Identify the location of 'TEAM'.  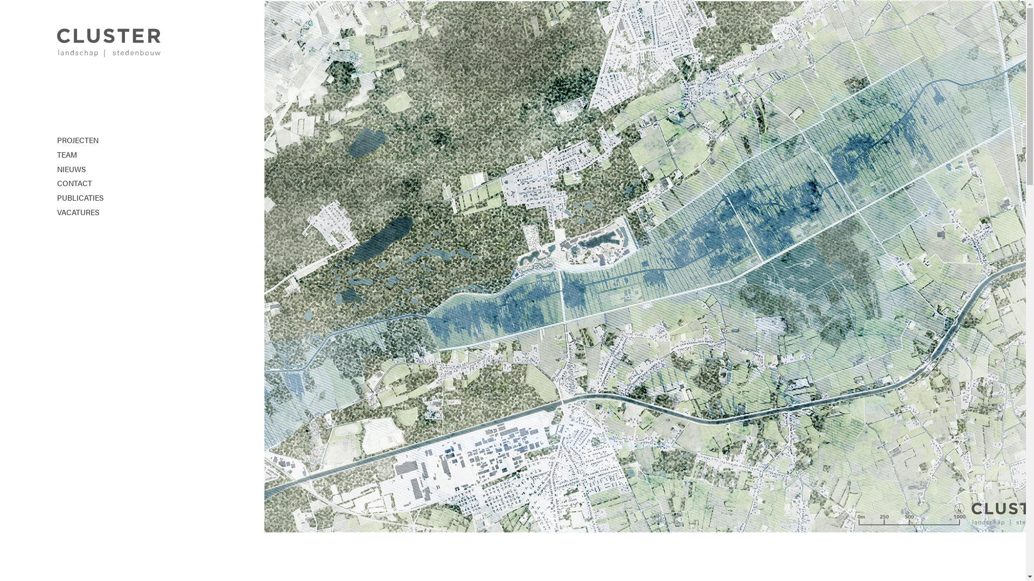
(56, 155).